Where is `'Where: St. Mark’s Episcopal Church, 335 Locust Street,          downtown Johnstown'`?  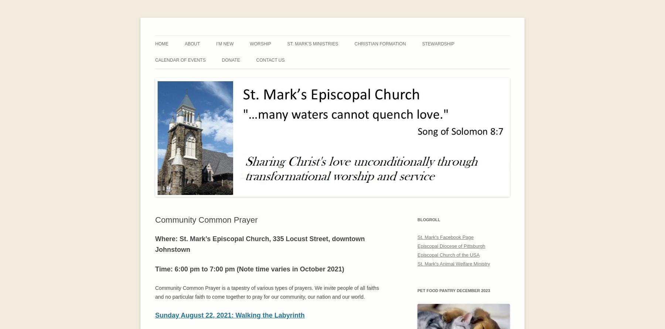
'Where: St. Mark’s Episcopal Church, 335 Locust Street,          downtown Johnstown' is located at coordinates (259, 244).